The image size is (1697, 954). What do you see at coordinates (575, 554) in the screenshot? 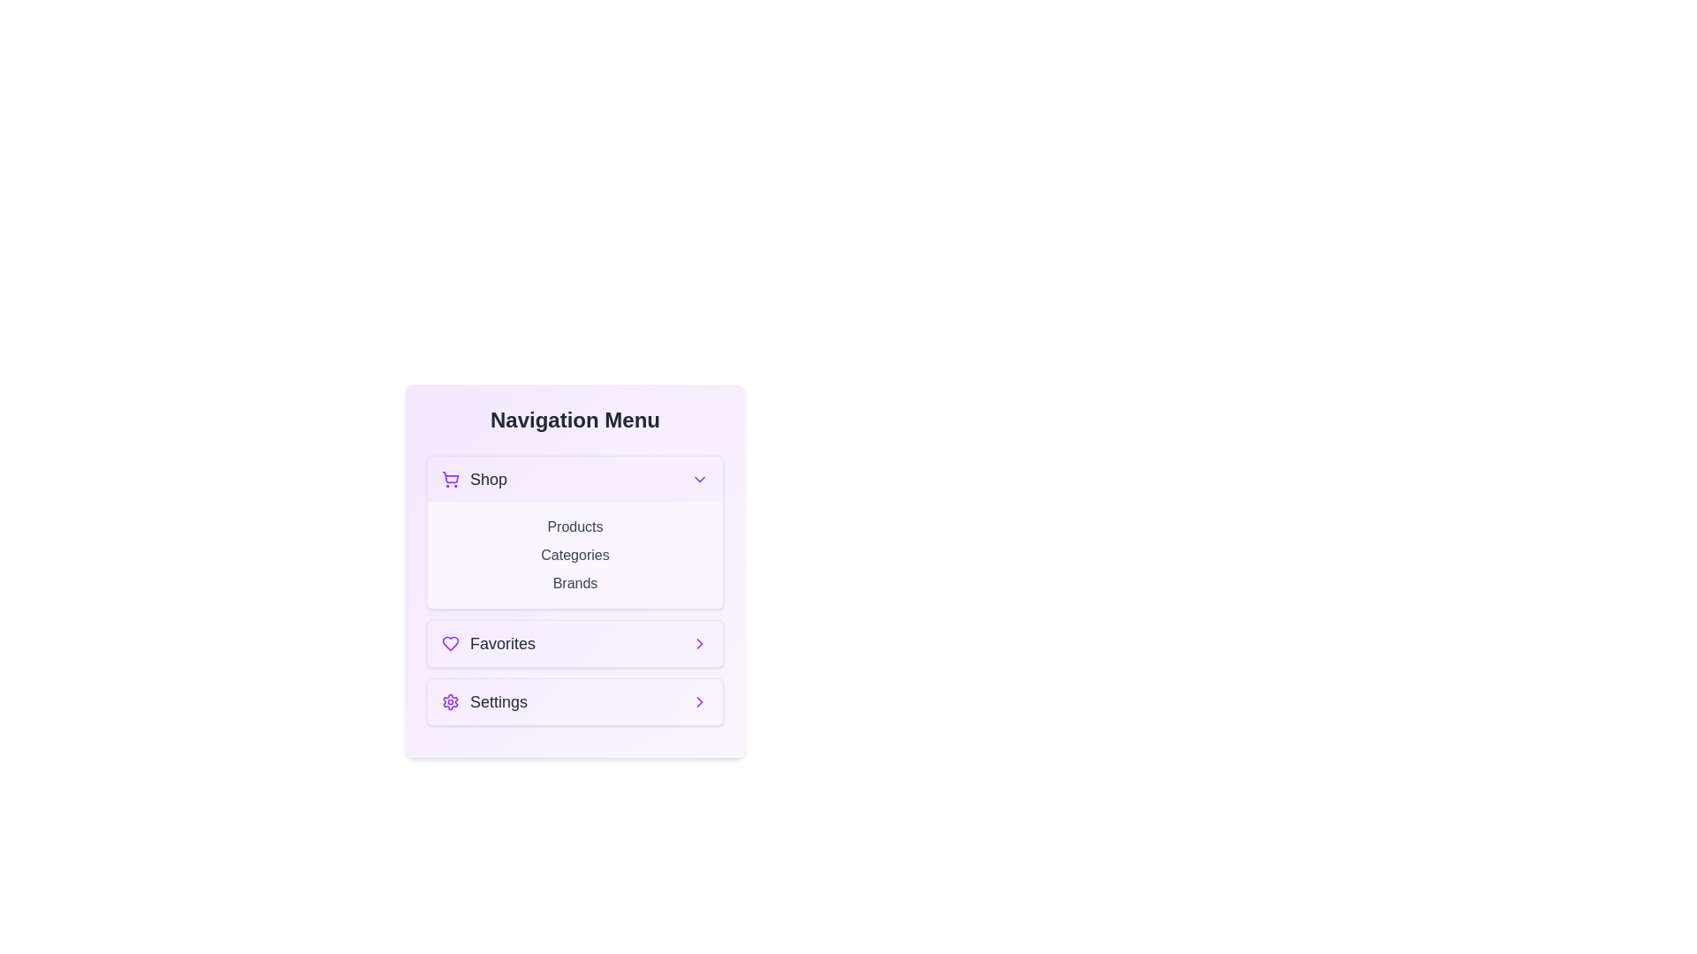
I see `the 'Categories' text label, which is the second item in the vertical stack of menu options under the 'Shop' section` at bounding box center [575, 554].